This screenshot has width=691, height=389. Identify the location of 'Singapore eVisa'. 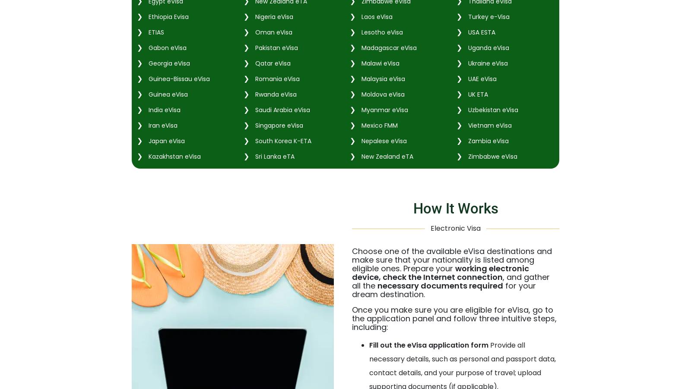
(278, 125).